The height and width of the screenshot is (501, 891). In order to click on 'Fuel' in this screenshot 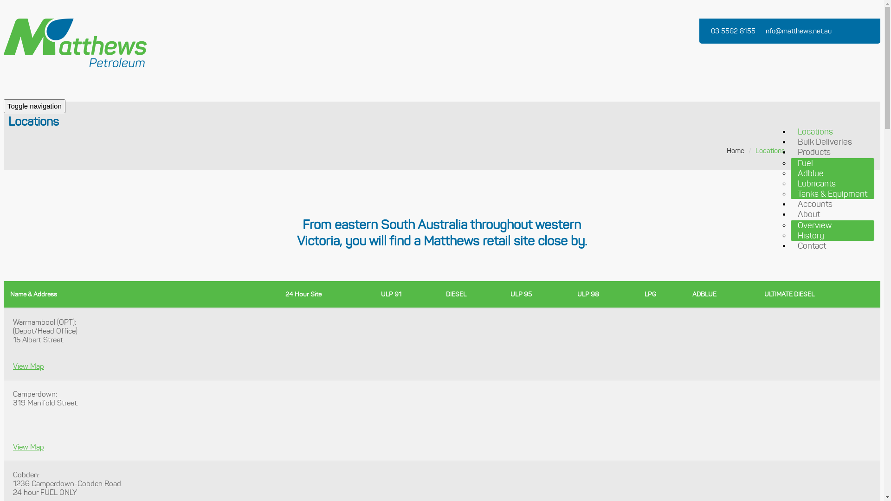, I will do `click(805, 162)`.